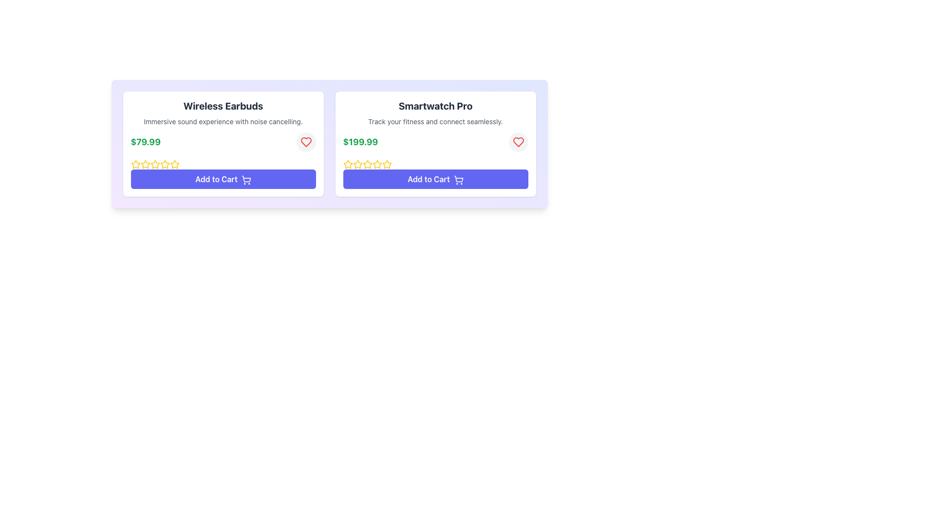 The width and height of the screenshot is (935, 526). I want to click on the shopping cart icon, which is a small rounded outline located to the right of the 'Add to Cart' button for the 'Smartwatch Pro' product, so click(458, 180).